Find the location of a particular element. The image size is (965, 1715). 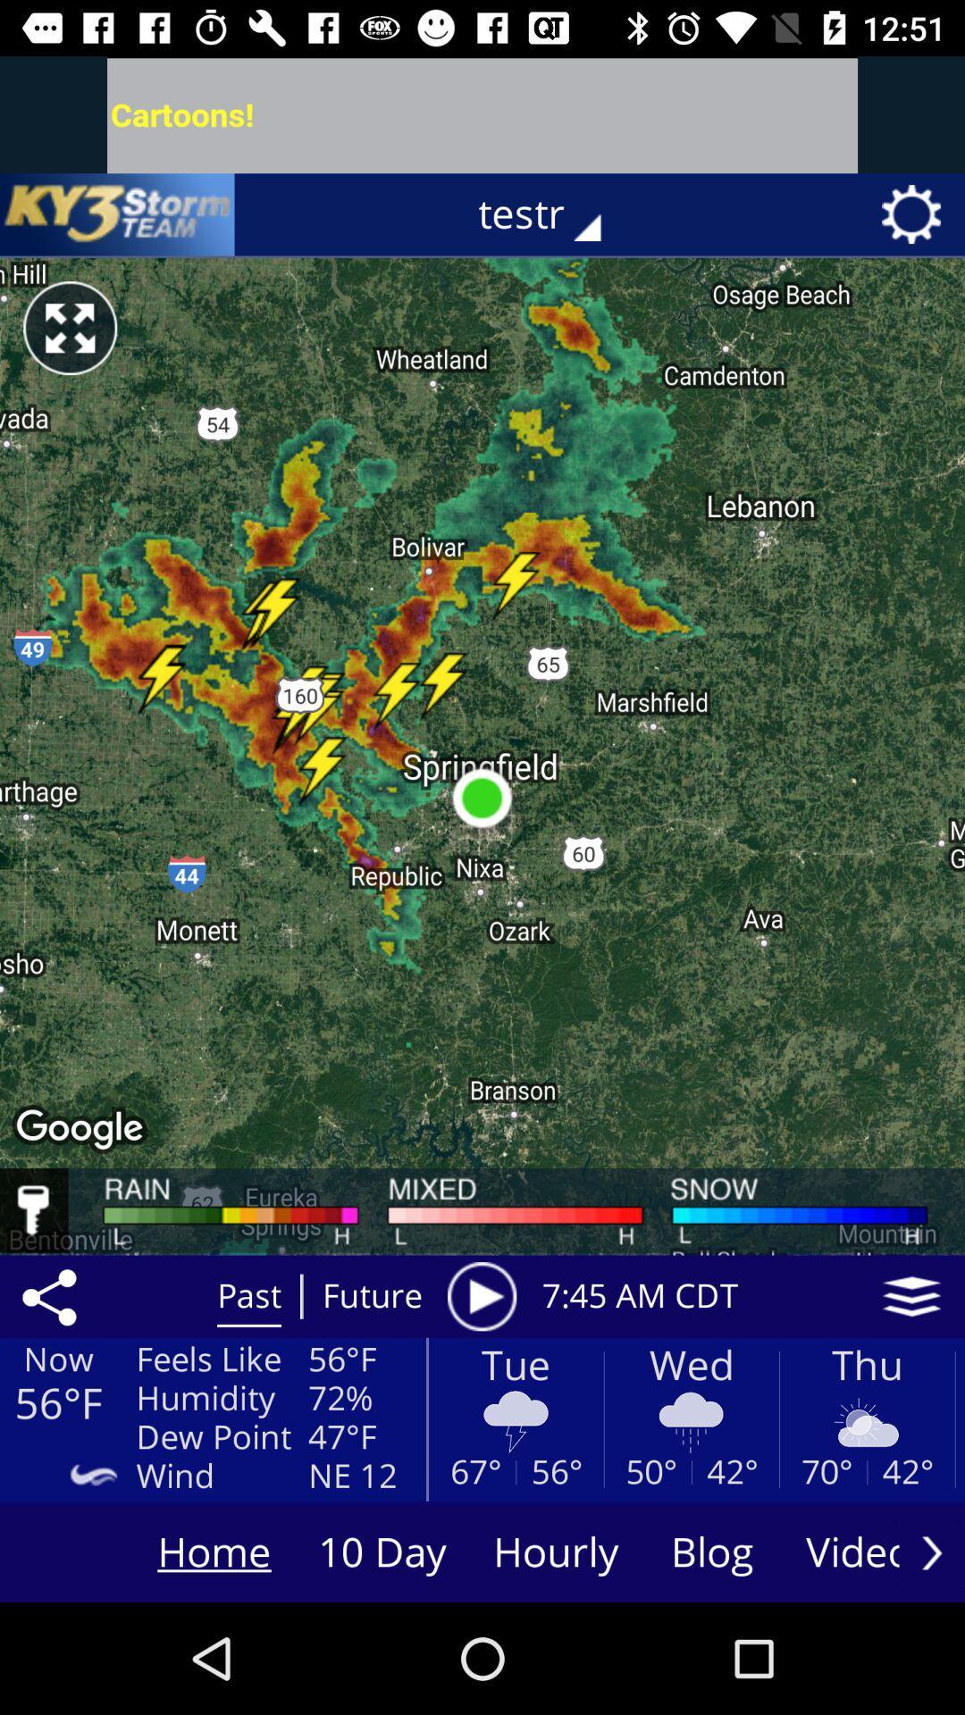

the layers icon is located at coordinates (911, 1296).